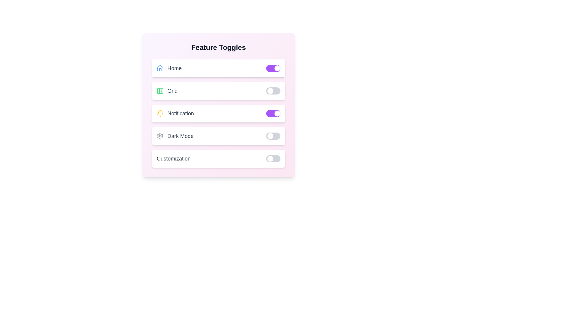 The height and width of the screenshot is (321, 571). I want to click on the green square with rounded corners located in the top-left corner of the 3x3 grid icon next to the 'Grid' label on the left side of the UI, so click(160, 91).